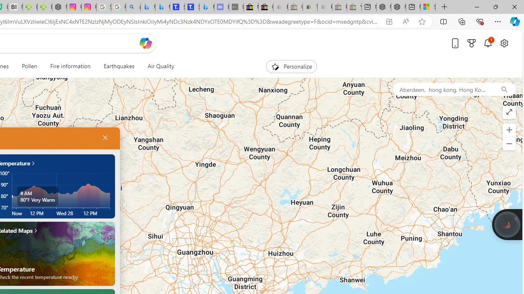 The width and height of the screenshot is (524, 294). What do you see at coordinates (29, 66) in the screenshot?
I see `'Pollen'` at bounding box center [29, 66].